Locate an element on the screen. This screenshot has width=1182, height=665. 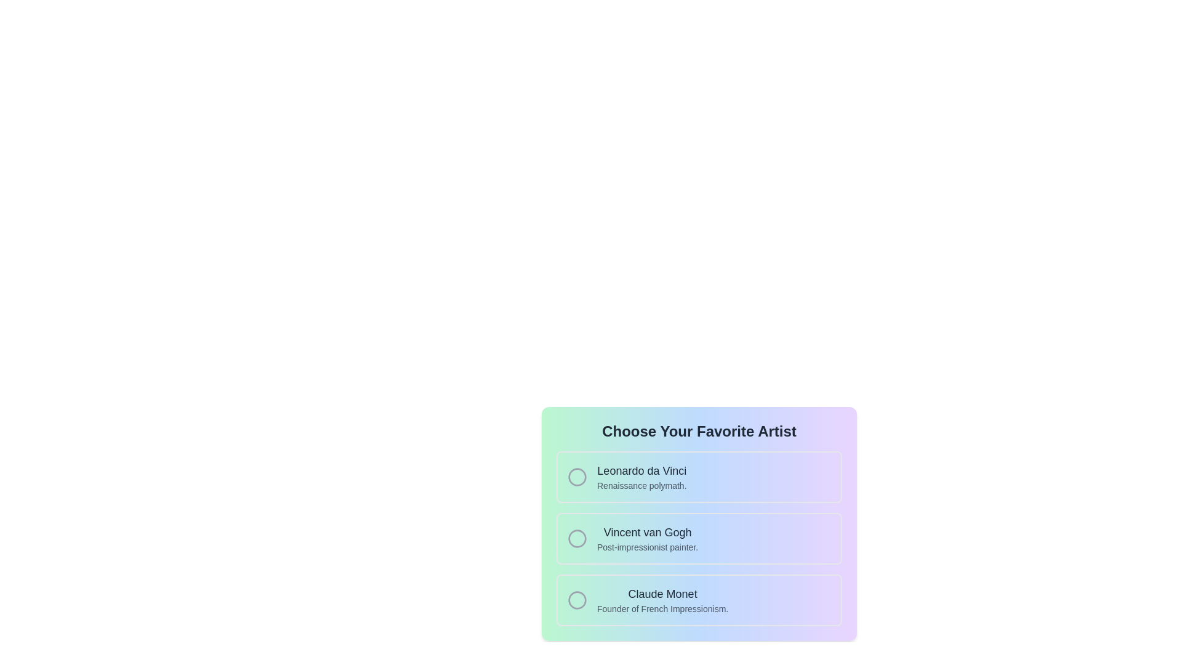
the text label that reads 'Post-impressionist painter', which is styled in gray and located directly beneath 'Vincent van Gogh' is located at coordinates (647, 546).